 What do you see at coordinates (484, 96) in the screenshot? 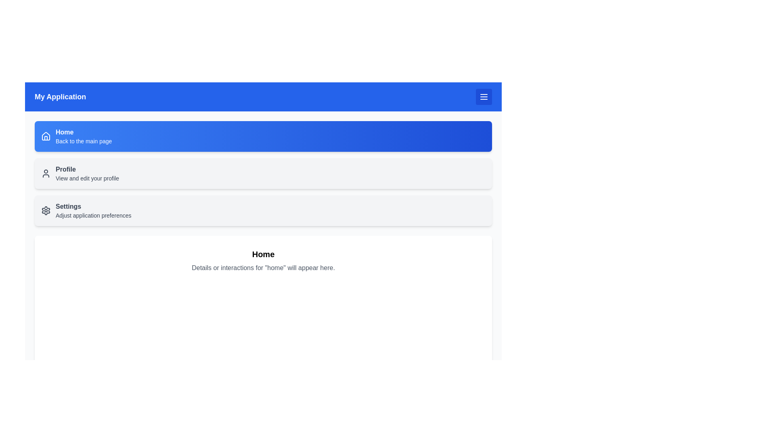
I see `the menu icon located in the top-right corner of the application interface` at bounding box center [484, 96].